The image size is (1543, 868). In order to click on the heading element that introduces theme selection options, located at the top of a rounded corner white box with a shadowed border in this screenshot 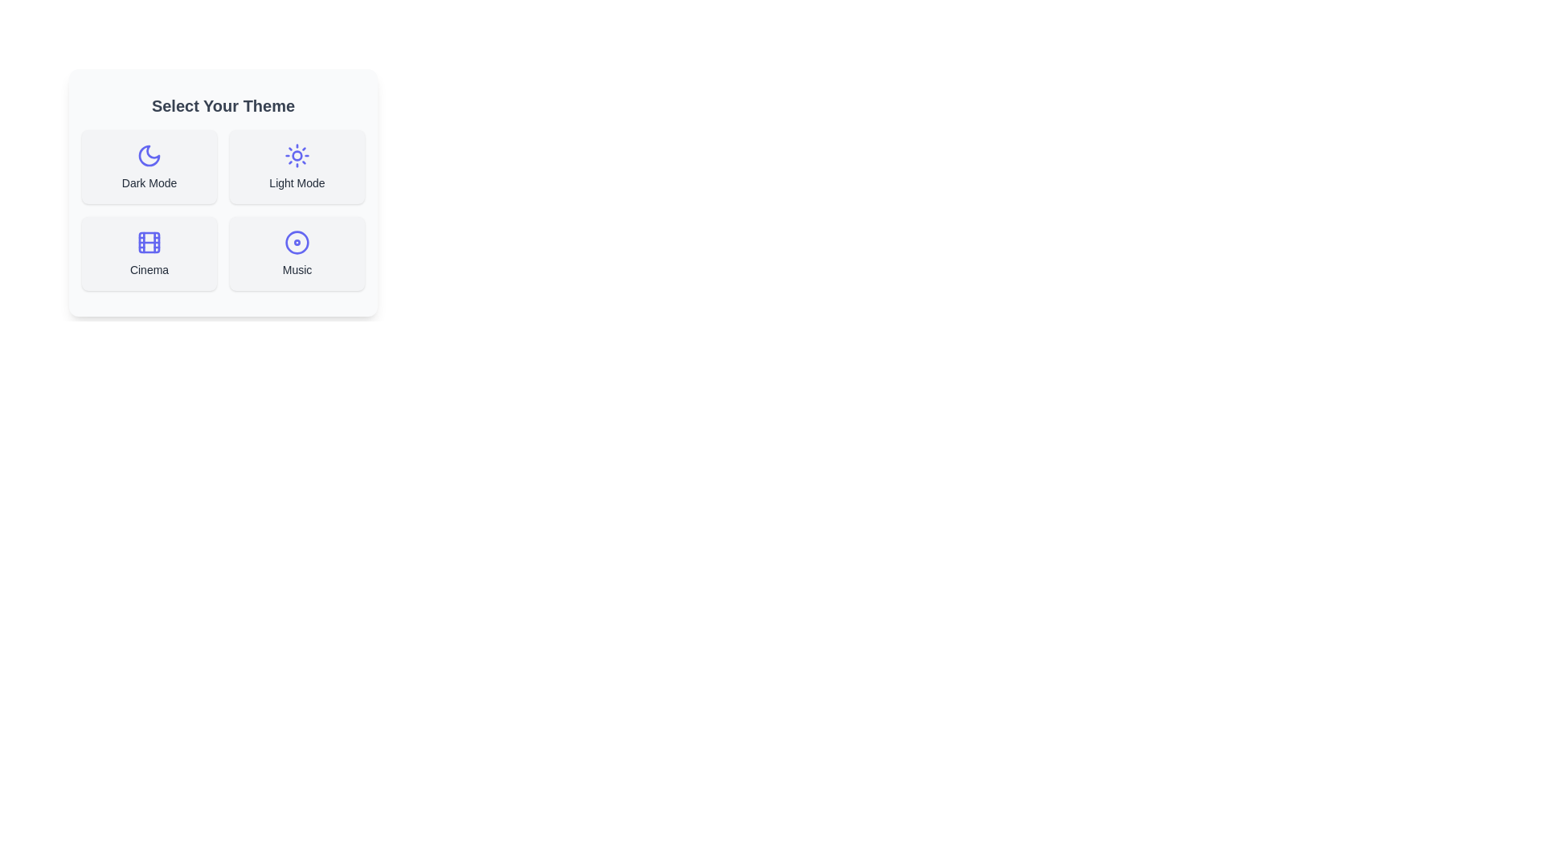, I will do `click(223, 105)`.